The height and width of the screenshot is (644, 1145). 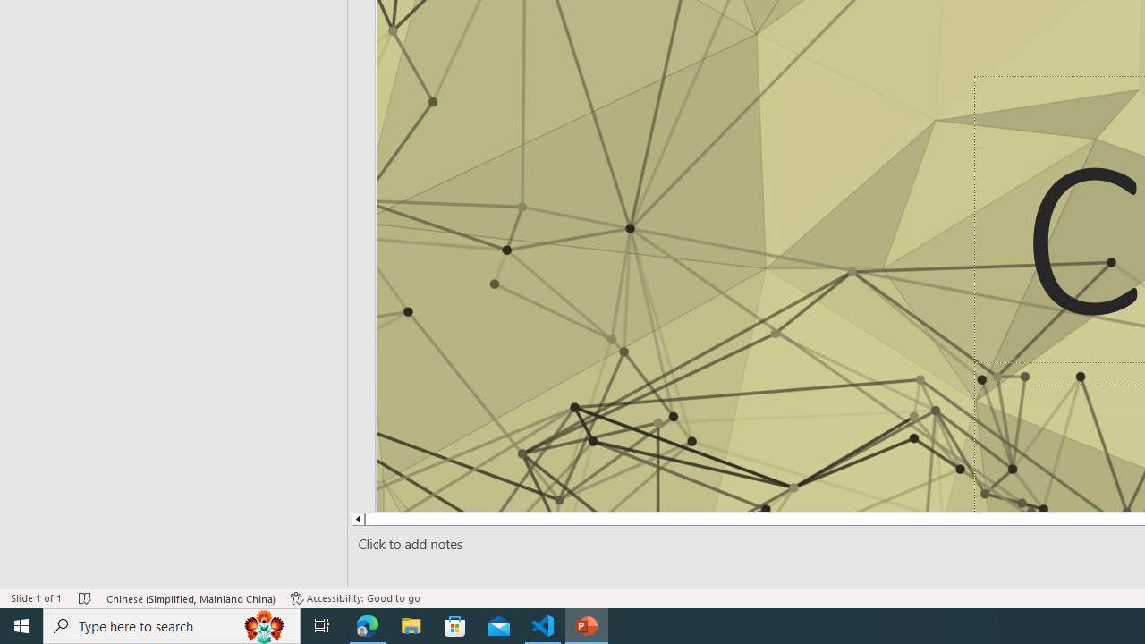 I want to click on 'Accessibility Checker Accessibility: Good to go', so click(x=355, y=598).